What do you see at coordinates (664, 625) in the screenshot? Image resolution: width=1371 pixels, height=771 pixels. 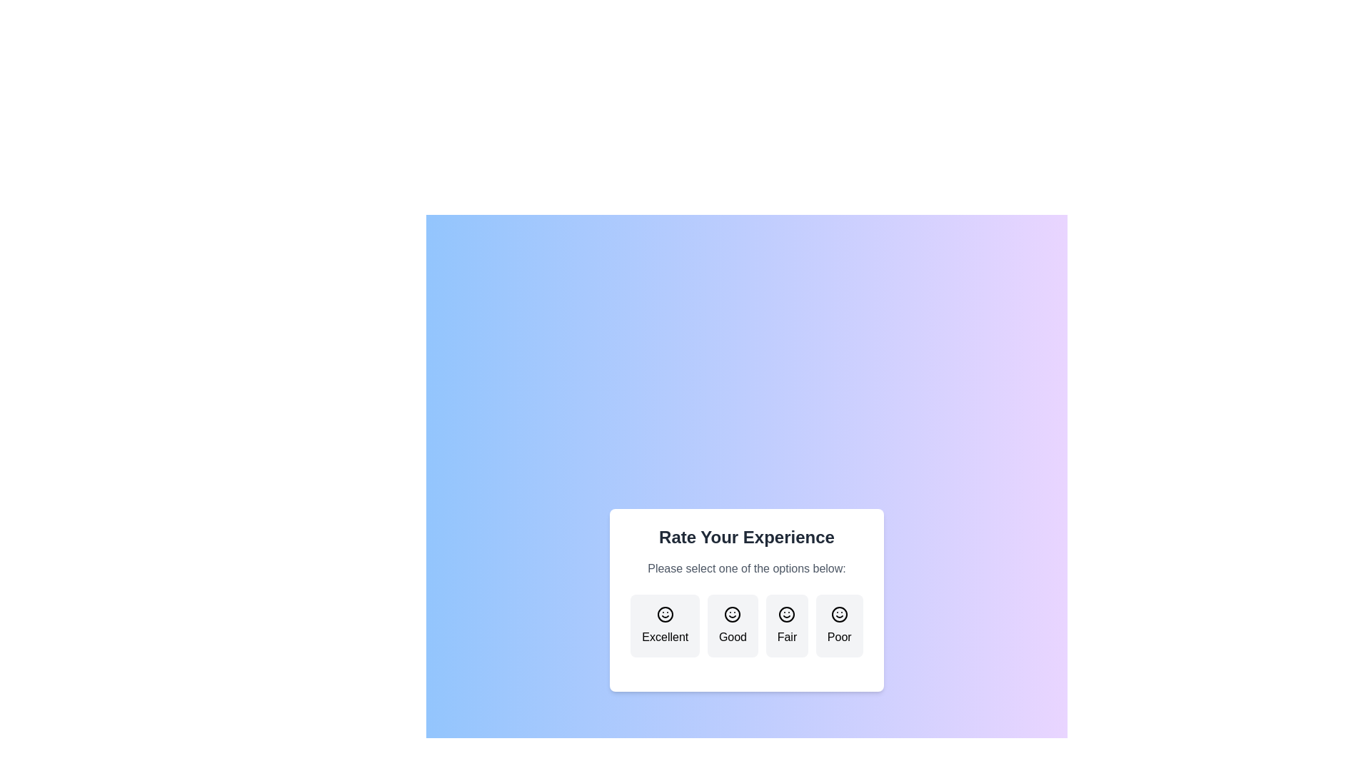 I see `the 'Excellent' button, the first button in the row of four options for rating experience, to trigger its hover effect` at bounding box center [664, 625].